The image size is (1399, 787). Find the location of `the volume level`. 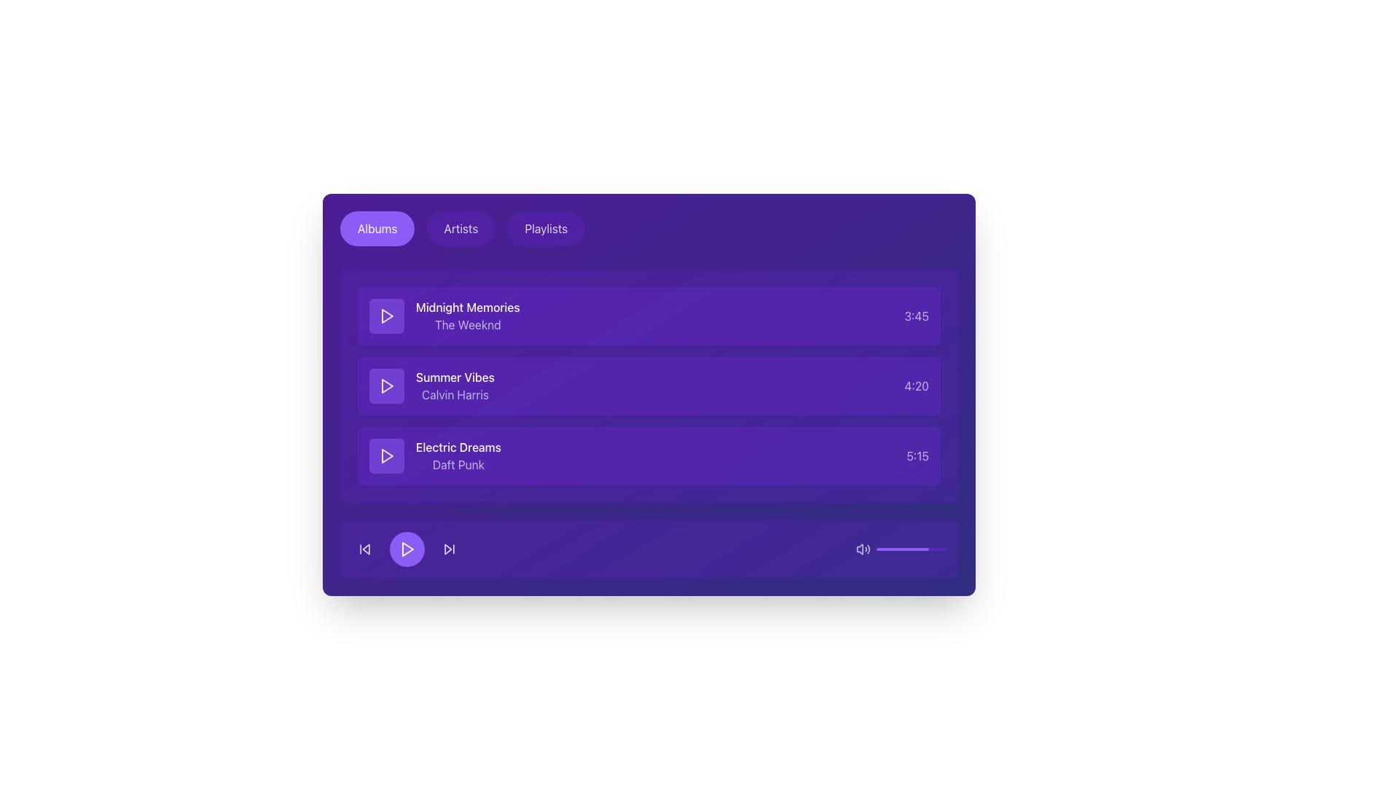

the volume level is located at coordinates (908, 549).